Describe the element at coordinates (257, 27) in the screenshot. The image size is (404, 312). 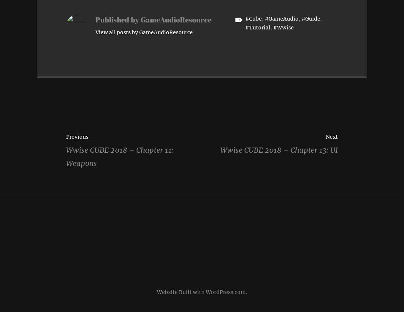
I see `'#Tutorial'` at that location.